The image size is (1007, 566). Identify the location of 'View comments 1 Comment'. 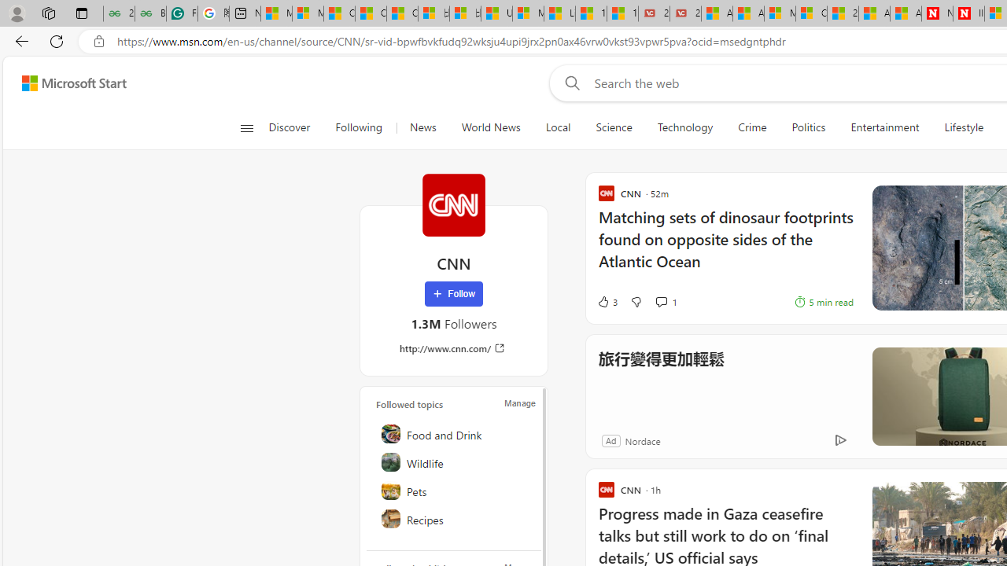
(661, 301).